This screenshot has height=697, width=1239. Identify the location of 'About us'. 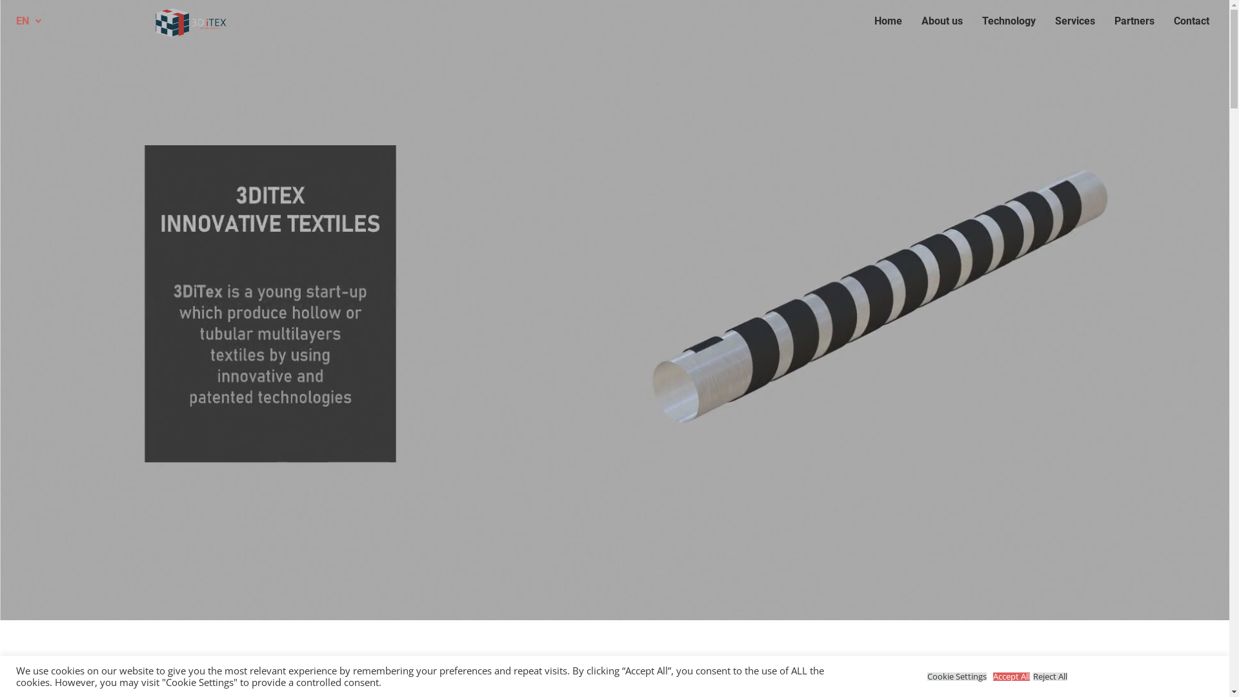
(942, 21).